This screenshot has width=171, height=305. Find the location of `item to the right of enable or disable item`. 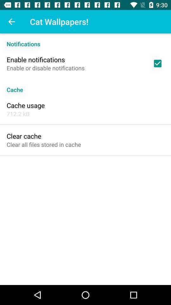

item to the right of enable or disable item is located at coordinates (157, 63).